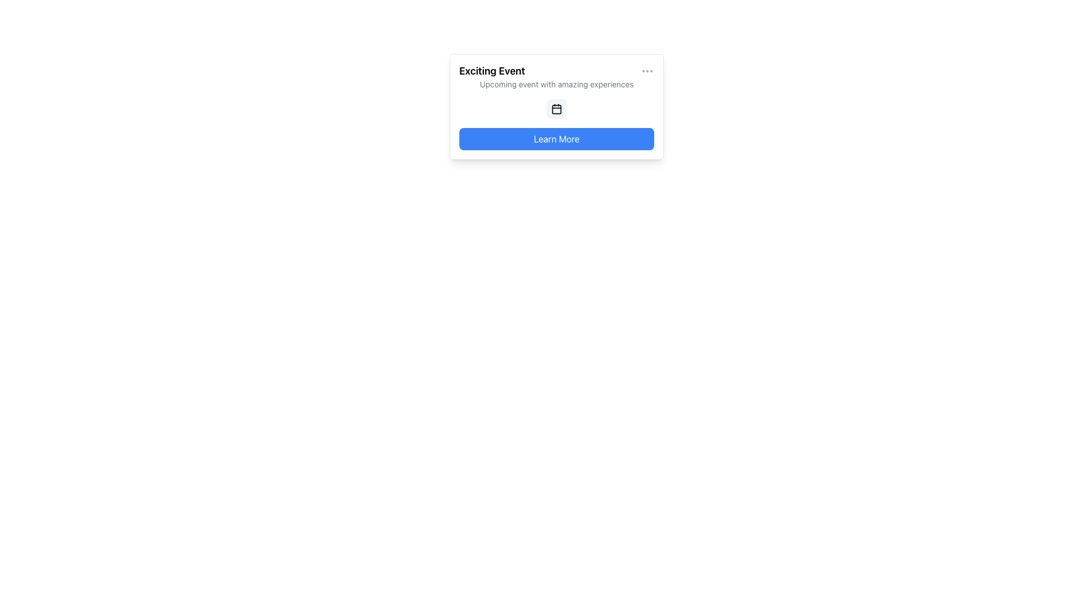 The height and width of the screenshot is (601, 1069). I want to click on the Horizontal Ellipsis Icon located in the upper-right corner of the card labeled 'Exciting Event' to show additional options, so click(647, 71).